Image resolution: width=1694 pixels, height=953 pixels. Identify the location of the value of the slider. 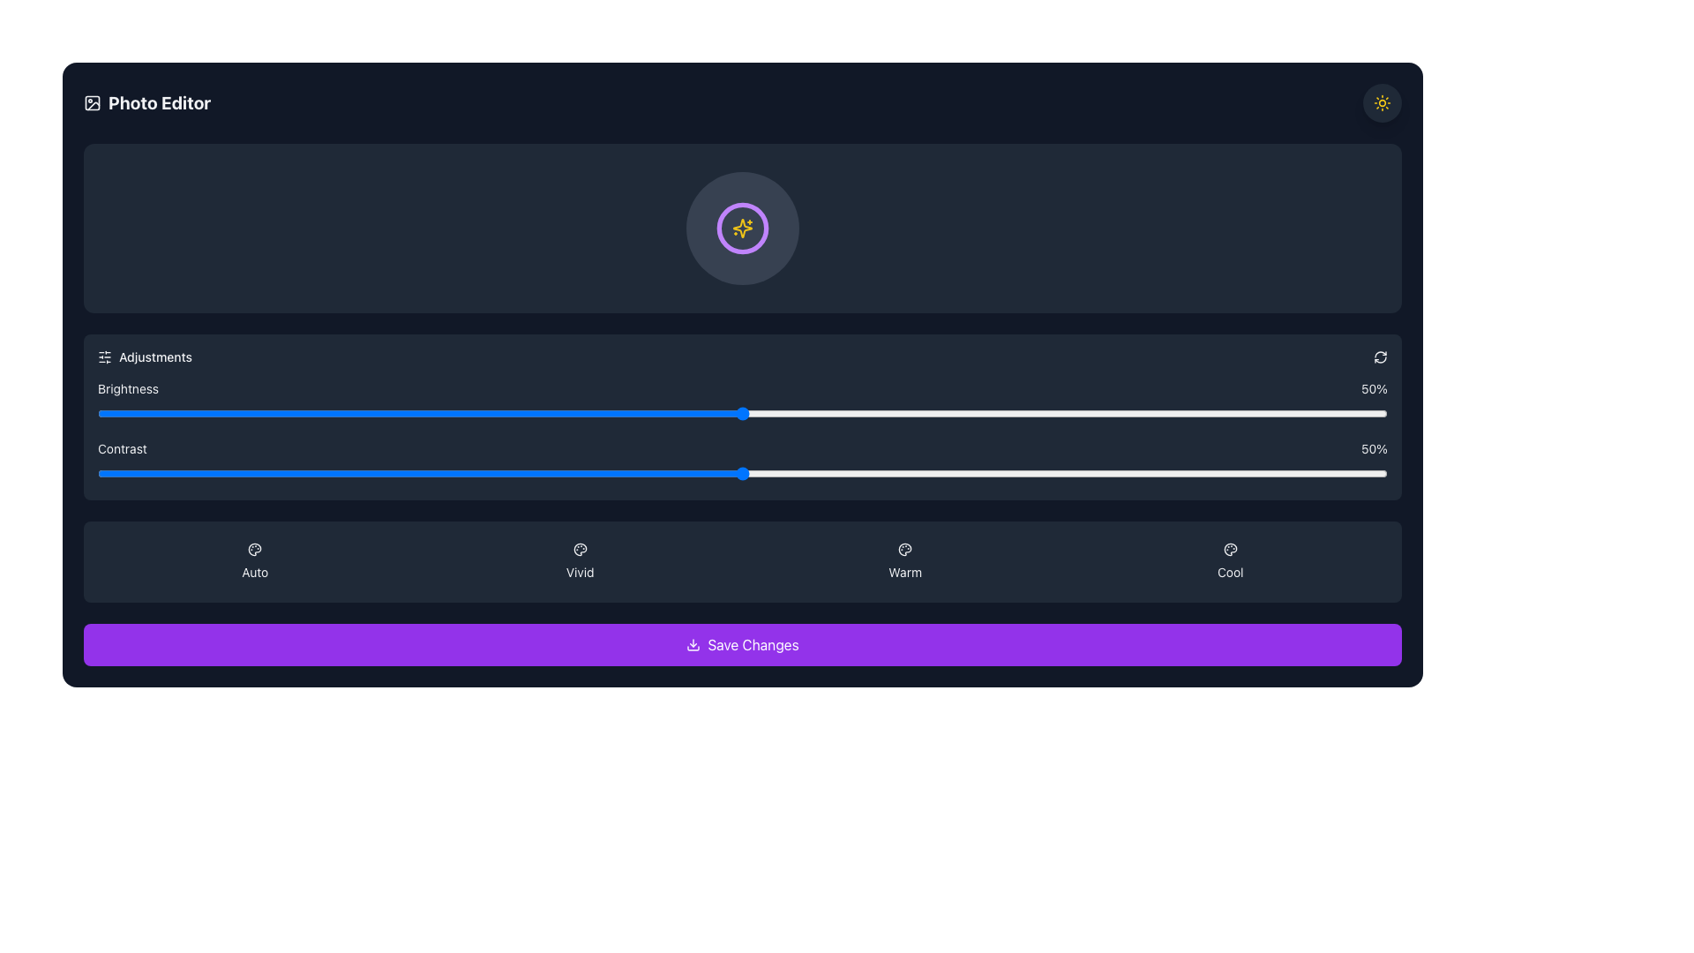
(548, 472).